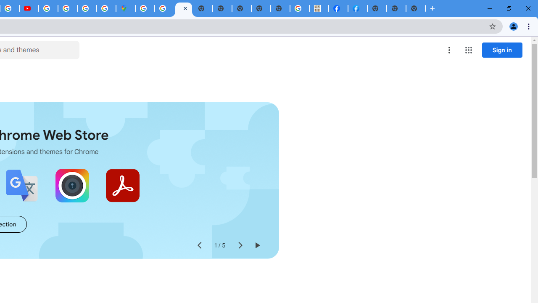  What do you see at coordinates (199, 245) in the screenshot?
I see `'Previous slide'` at bounding box center [199, 245].